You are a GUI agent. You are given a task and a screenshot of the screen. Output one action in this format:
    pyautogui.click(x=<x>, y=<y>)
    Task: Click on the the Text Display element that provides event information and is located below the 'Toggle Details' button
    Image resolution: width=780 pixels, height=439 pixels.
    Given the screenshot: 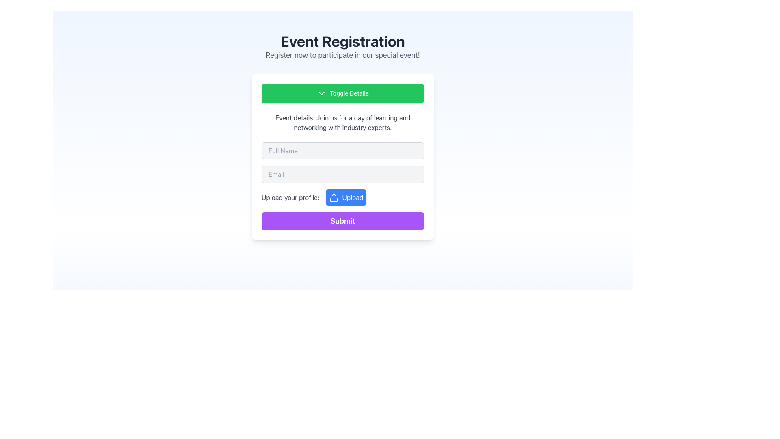 What is the action you would take?
    pyautogui.click(x=343, y=122)
    